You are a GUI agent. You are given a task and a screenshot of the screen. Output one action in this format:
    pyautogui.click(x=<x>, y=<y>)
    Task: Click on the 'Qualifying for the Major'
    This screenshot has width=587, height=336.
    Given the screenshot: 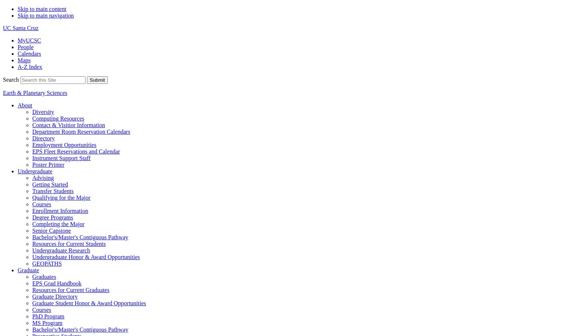 What is the action you would take?
    pyautogui.click(x=32, y=197)
    